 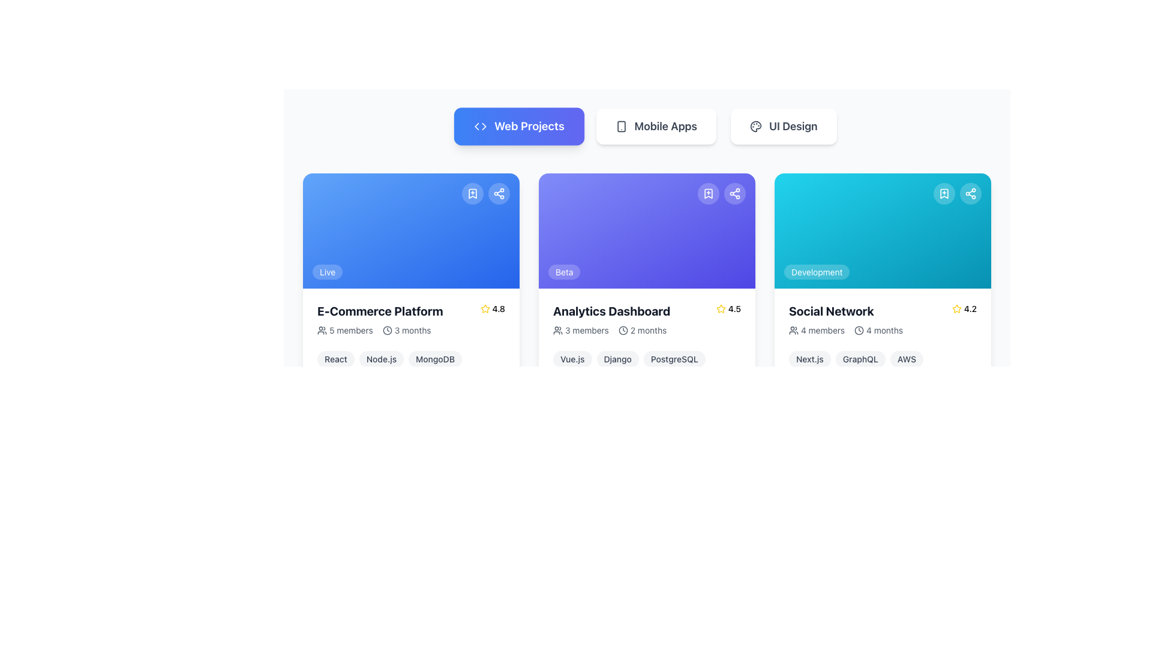 I want to click on the bookmarking button located at the top-right corner of the 'Analytics Dashboard' card, so click(x=708, y=193).